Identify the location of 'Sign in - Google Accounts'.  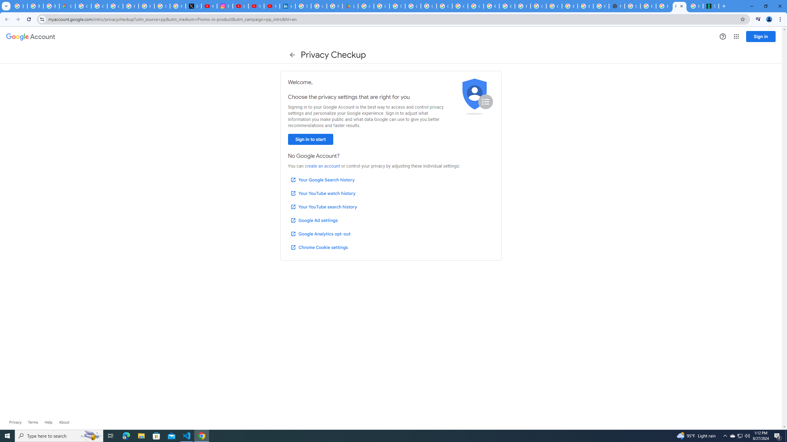
(397, 6).